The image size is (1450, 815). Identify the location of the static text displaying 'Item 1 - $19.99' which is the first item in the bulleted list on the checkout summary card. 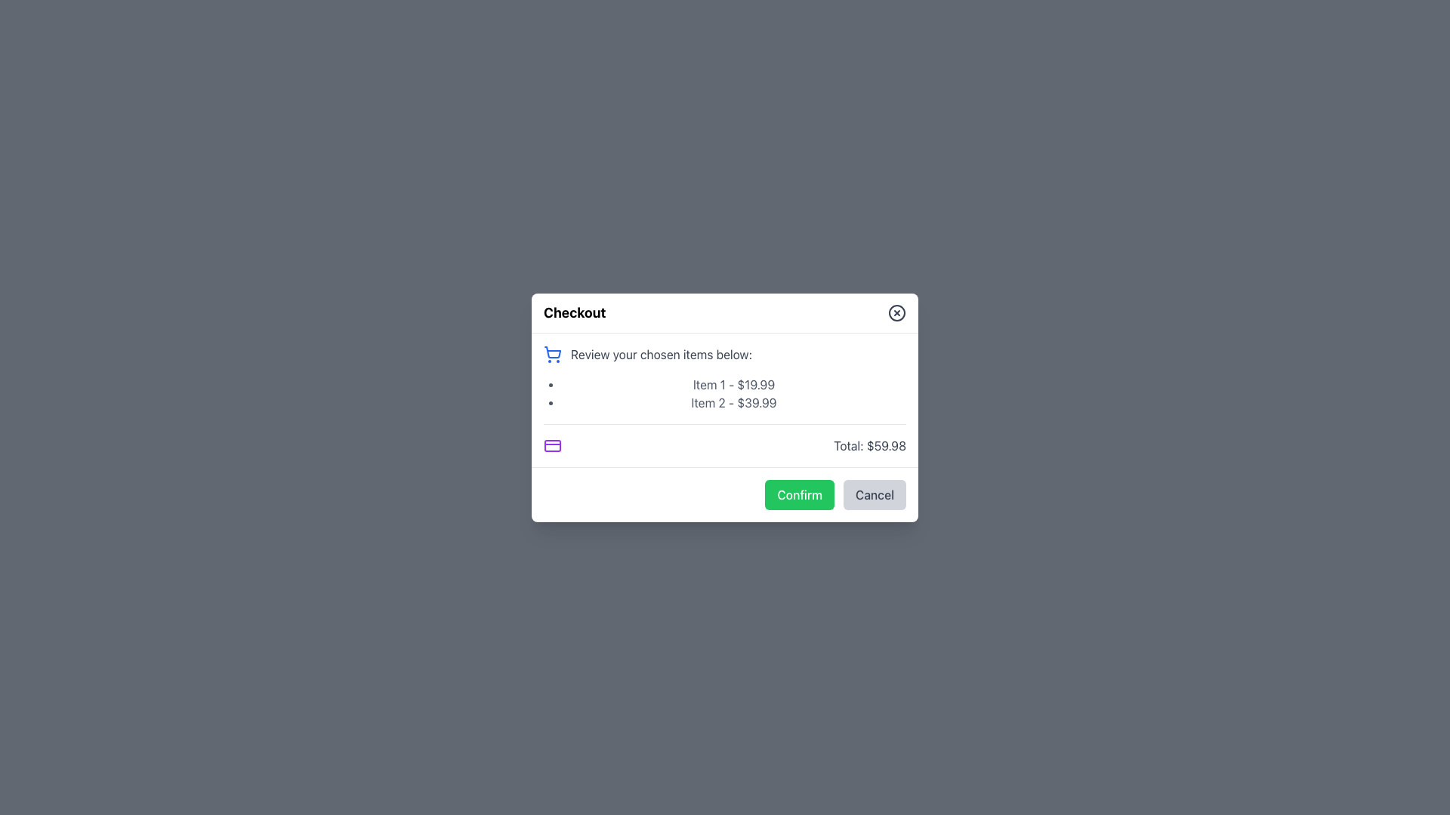
(733, 383).